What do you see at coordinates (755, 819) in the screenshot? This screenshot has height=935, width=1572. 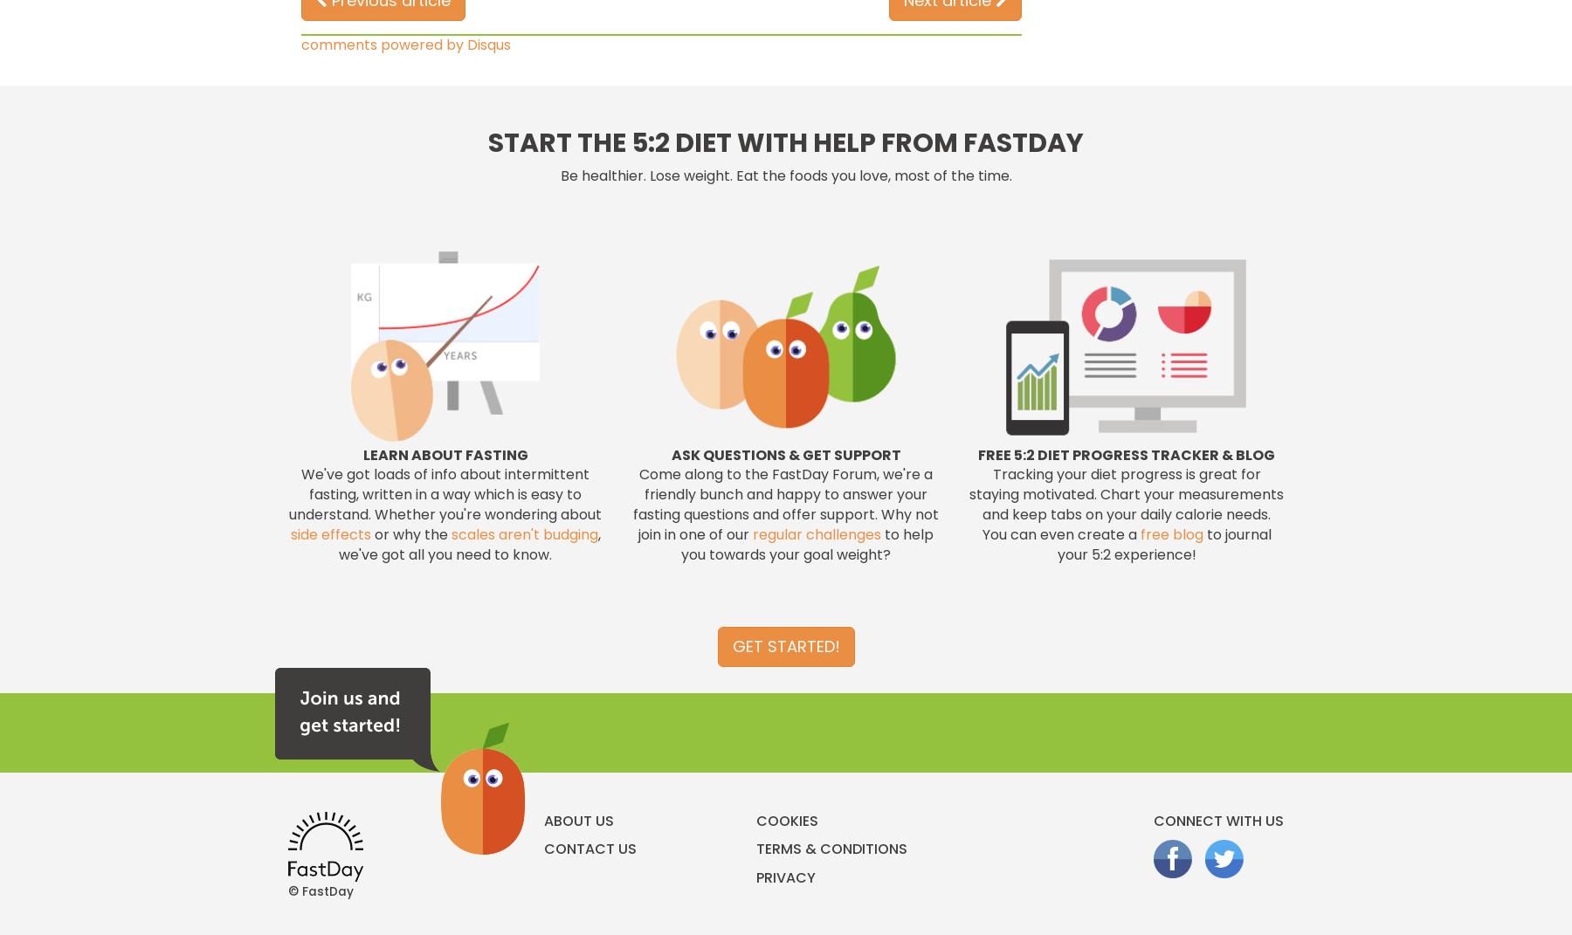 I see `'COOKIES'` at bounding box center [755, 819].